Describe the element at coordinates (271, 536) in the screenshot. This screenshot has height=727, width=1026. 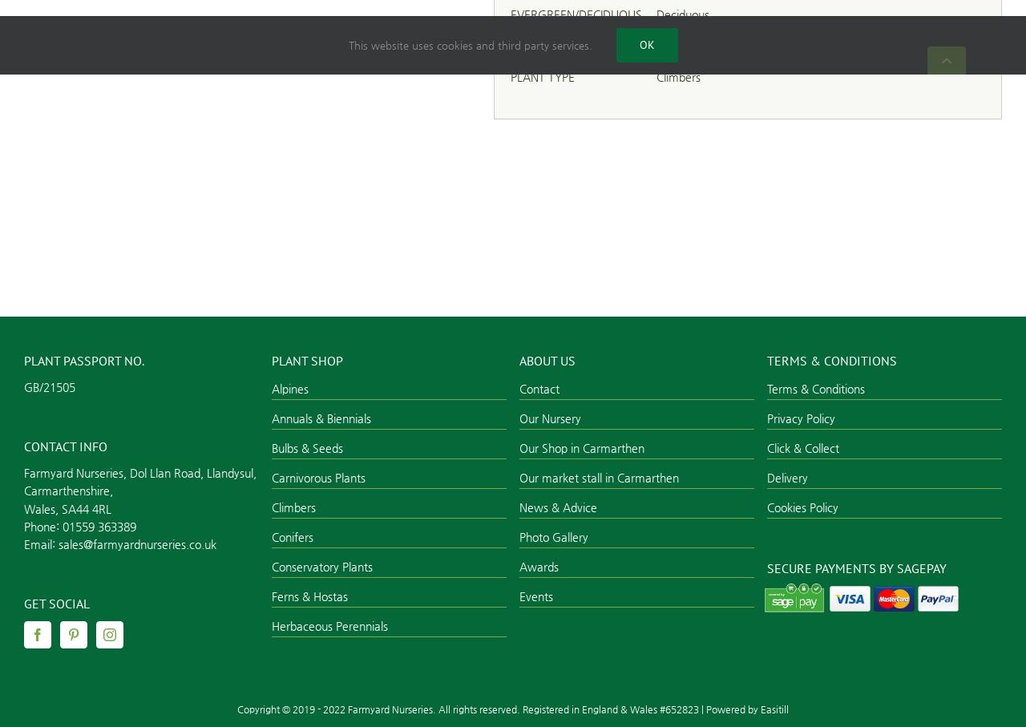
I see `'Conifers'` at that location.